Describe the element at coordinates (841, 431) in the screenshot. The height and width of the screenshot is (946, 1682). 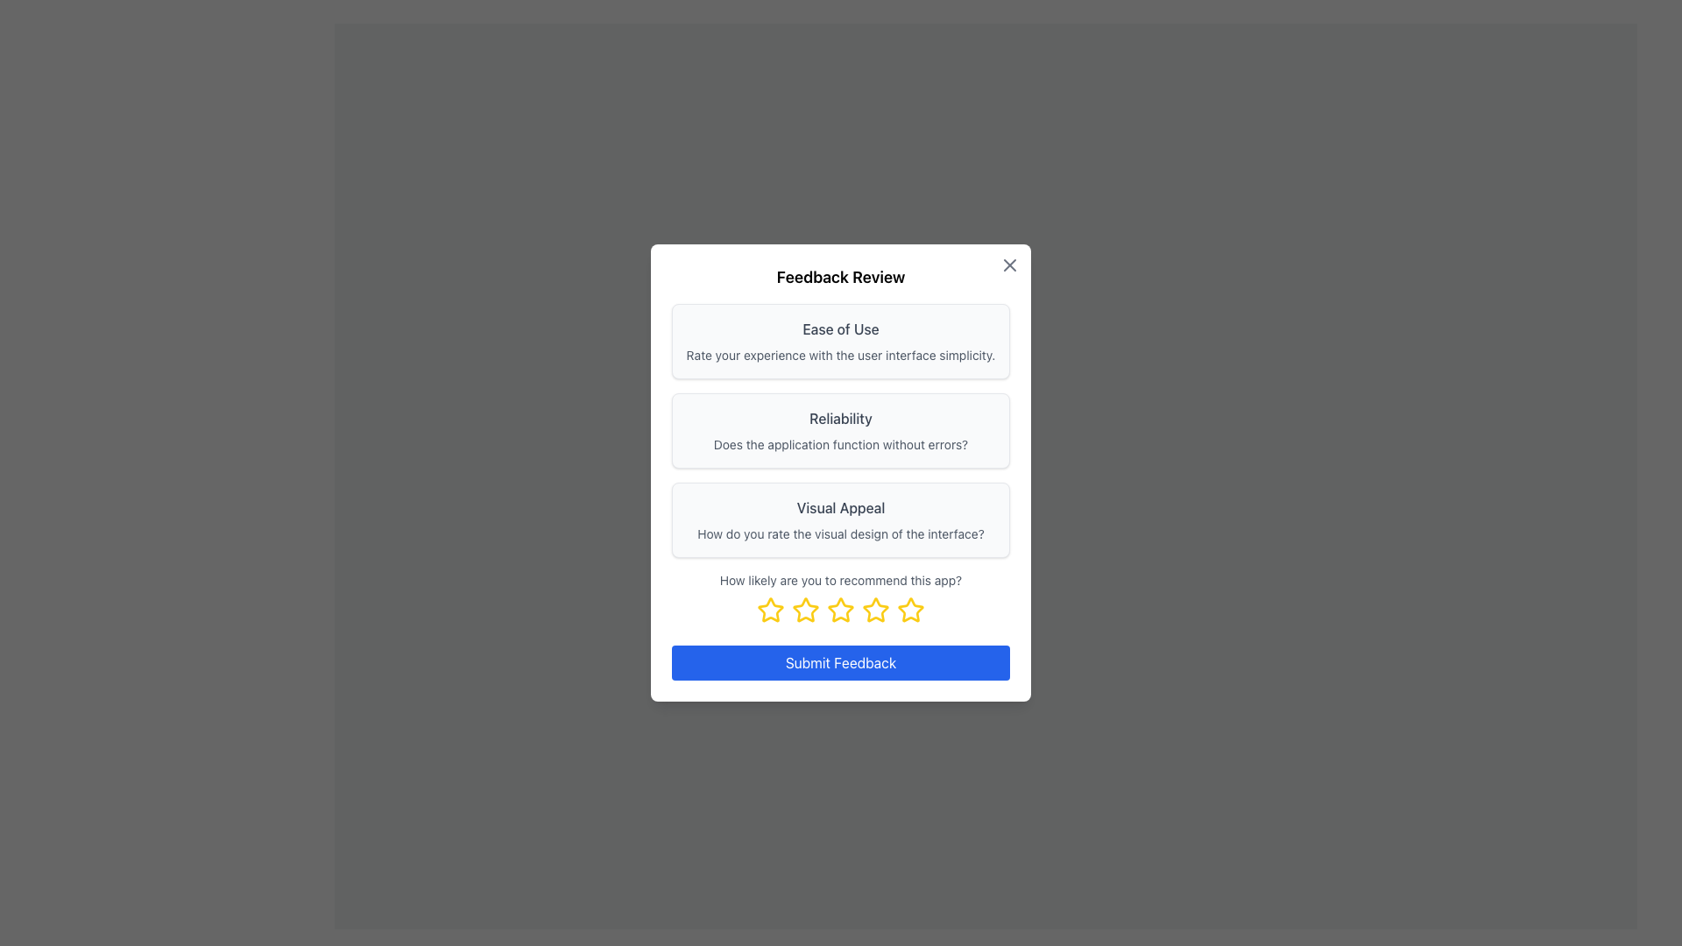
I see `the 'Reliability' static section, which provides a category title and an explanatory question about the application's performance, located in the middle of the dialog between 'Ease of Use' and 'Visual Appeal'` at that location.